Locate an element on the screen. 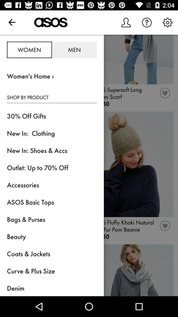 The width and height of the screenshot is (178, 317). the favorites icon which is below the first image is located at coordinates (165, 95).